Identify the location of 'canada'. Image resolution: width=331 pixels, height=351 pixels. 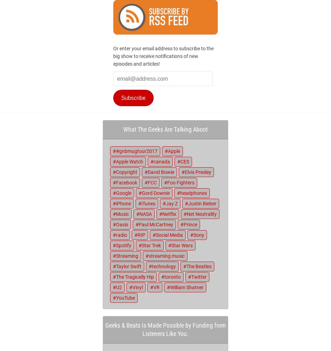
(161, 162).